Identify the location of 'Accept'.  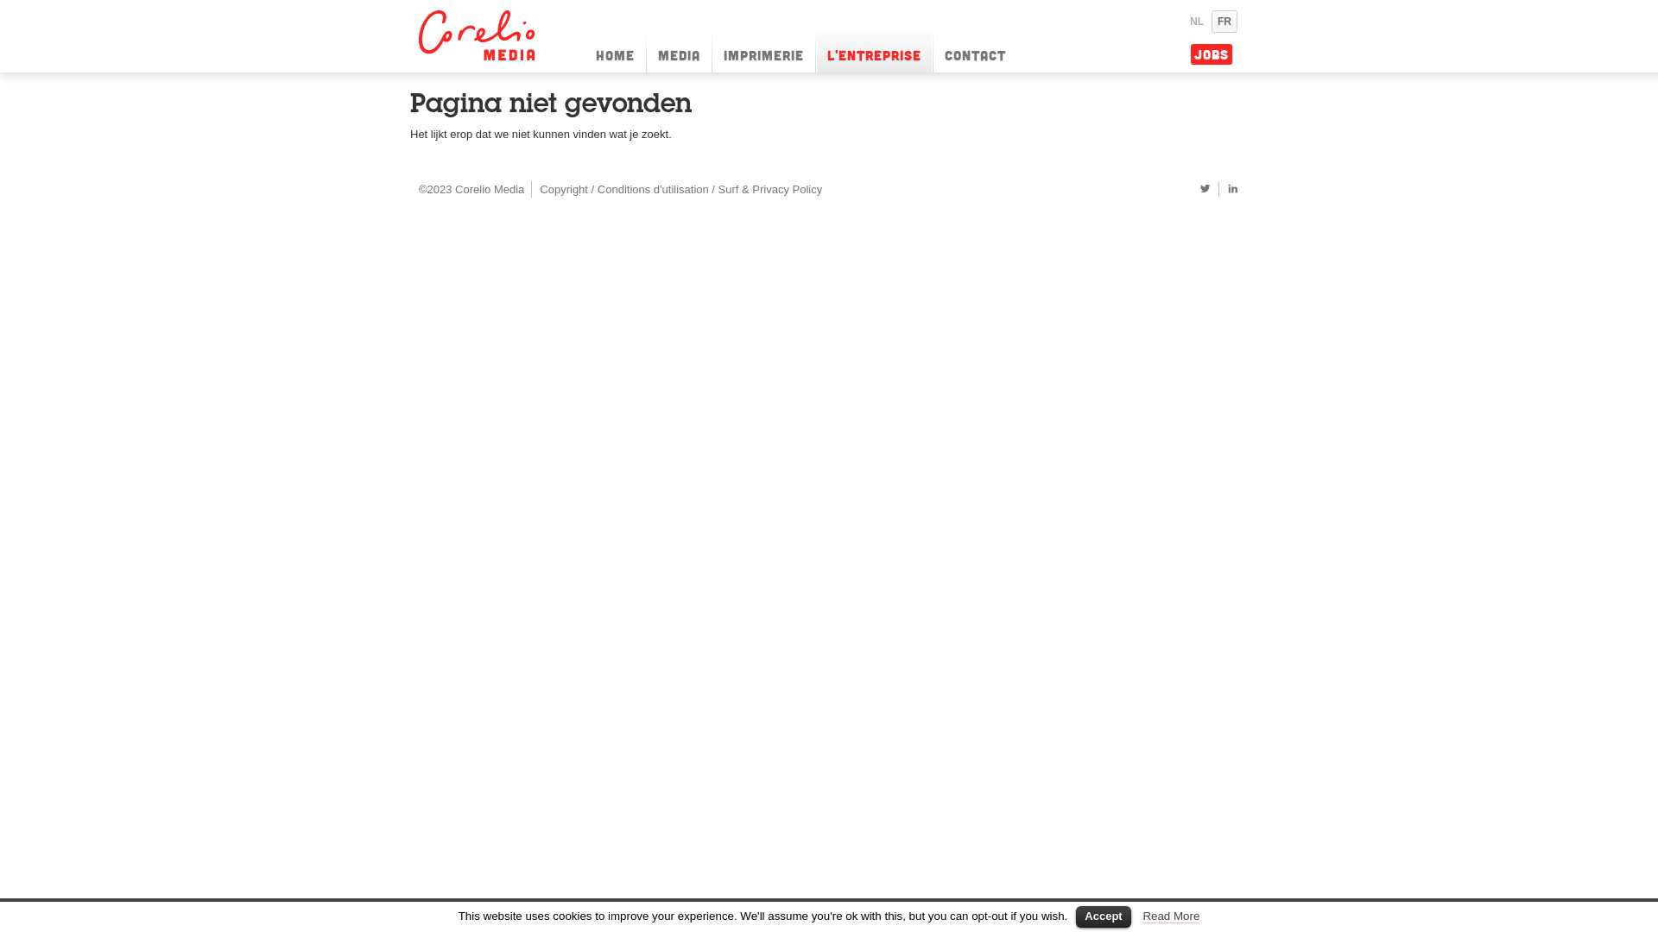
(1075, 916).